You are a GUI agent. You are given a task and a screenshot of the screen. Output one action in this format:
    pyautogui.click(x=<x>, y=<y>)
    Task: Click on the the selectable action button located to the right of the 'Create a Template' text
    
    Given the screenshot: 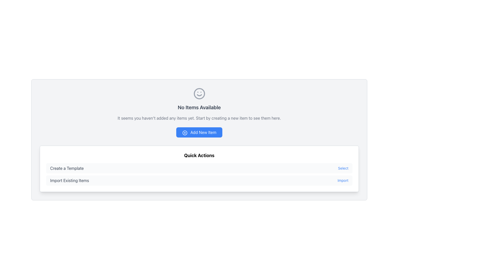 What is the action you would take?
    pyautogui.click(x=343, y=168)
    